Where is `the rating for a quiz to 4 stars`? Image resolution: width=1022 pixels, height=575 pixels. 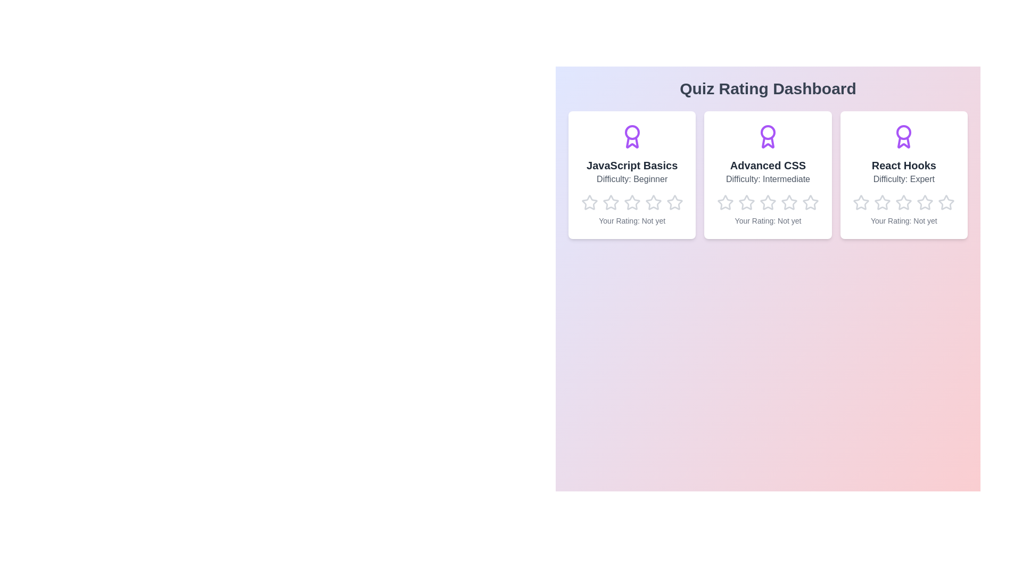
the rating for a quiz to 4 stars is located at coordinates (653, 203).